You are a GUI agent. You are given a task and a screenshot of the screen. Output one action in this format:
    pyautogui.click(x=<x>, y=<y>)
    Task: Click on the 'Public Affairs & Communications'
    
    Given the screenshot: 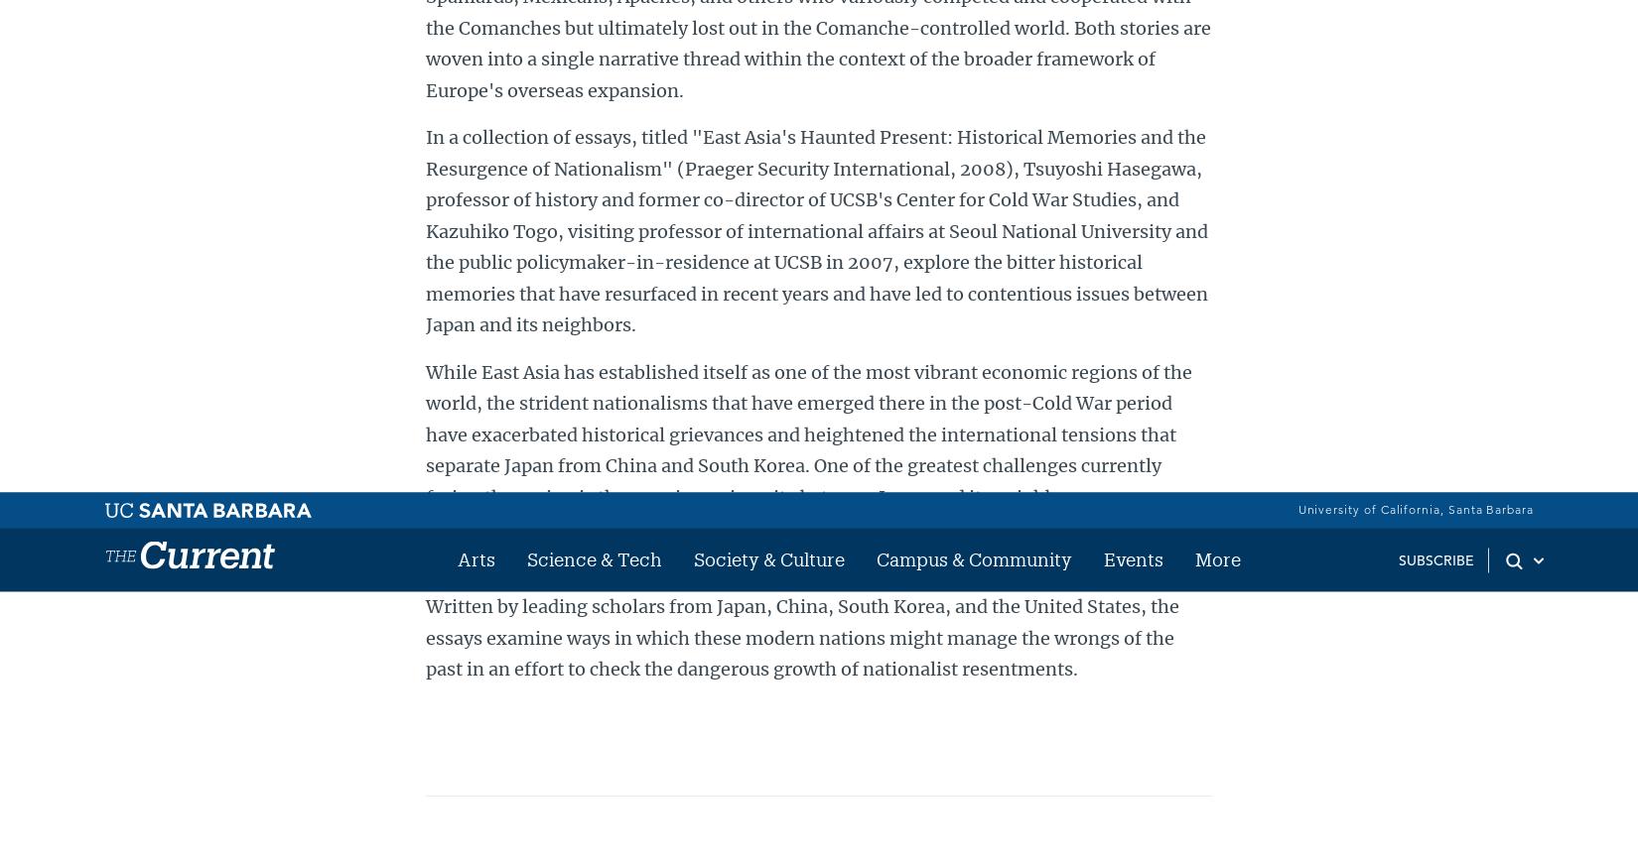 What is the action you would take?
    pyautogui.click(x=1055, y=124)
    